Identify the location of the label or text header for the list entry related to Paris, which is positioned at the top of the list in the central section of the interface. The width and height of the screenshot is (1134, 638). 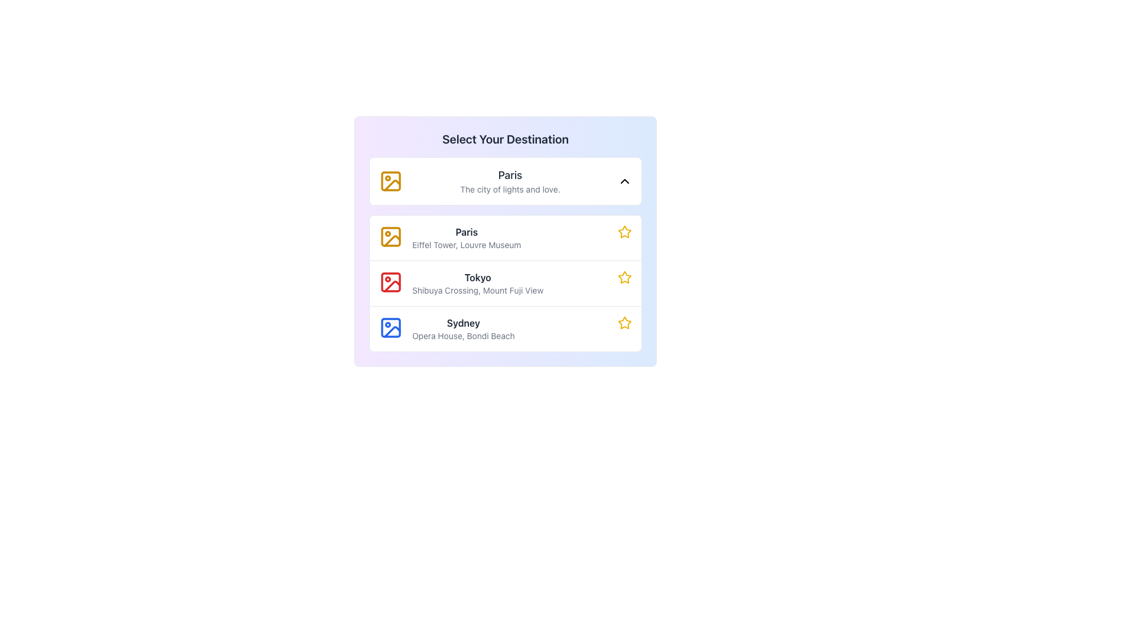
(510, 175).